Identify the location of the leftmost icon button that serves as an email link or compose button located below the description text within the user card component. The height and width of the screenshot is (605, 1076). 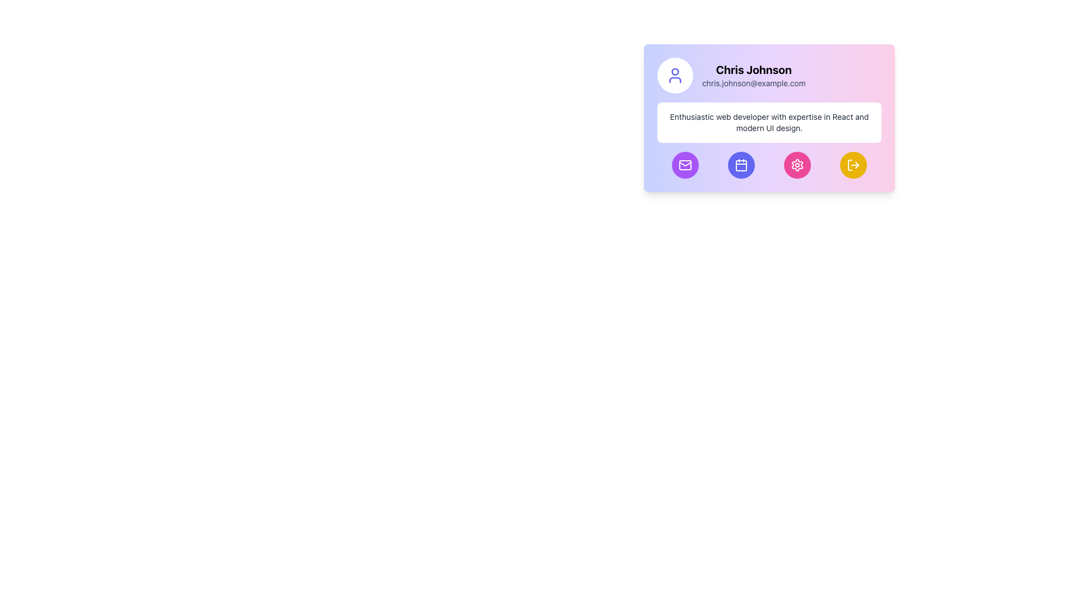
(685, 165).